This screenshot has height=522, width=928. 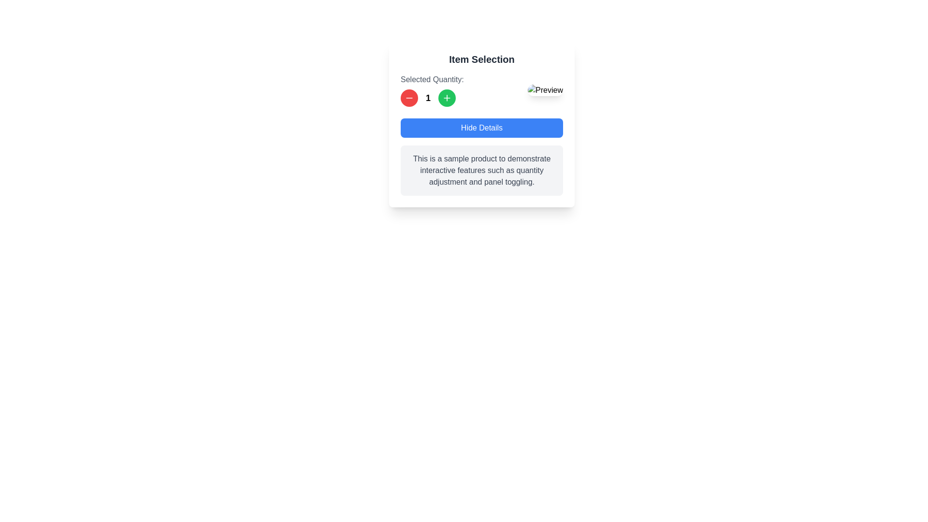 I want to click on the circular red button with a white minus sign, so click(x=409, y=98).